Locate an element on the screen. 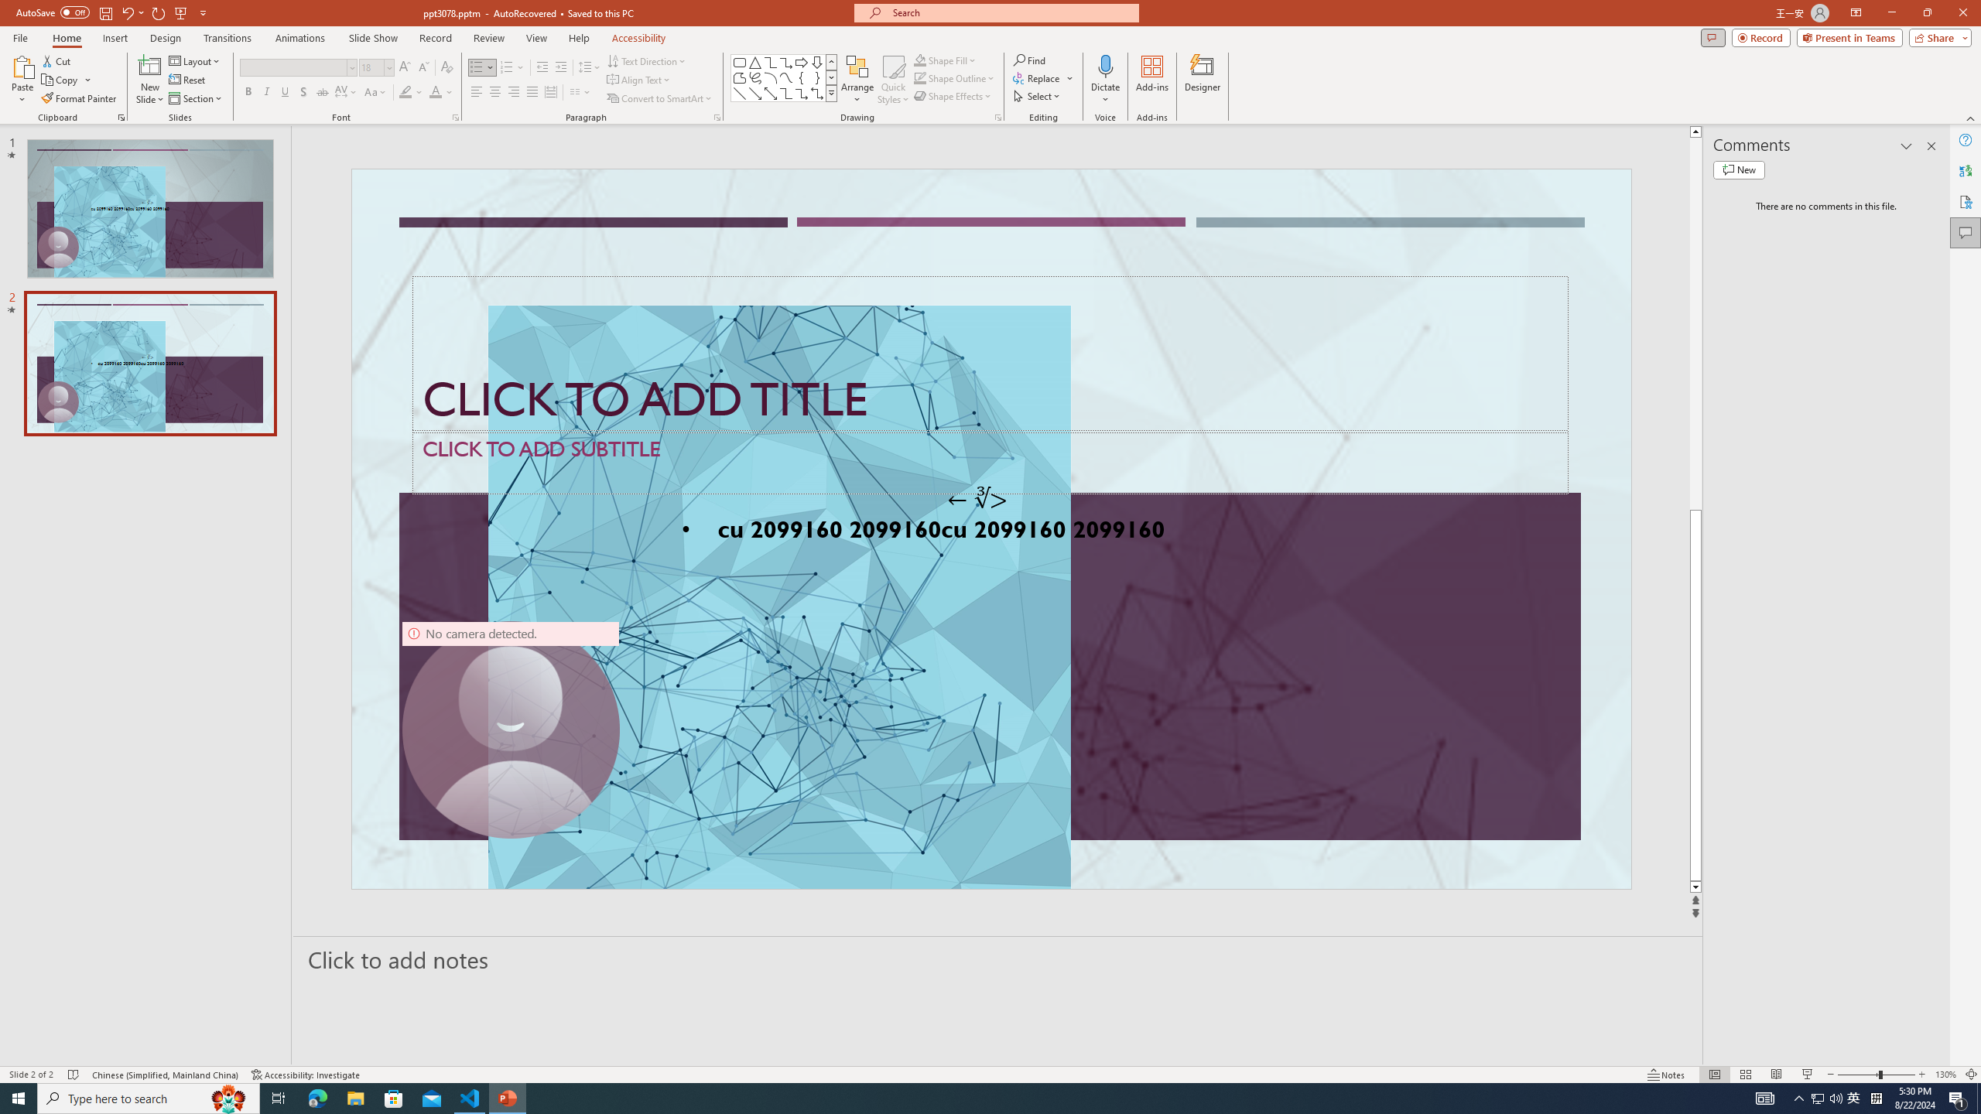 This screenshot has width=1981, height=1114. 'Close pane' is located at coordinates (1931, 145).